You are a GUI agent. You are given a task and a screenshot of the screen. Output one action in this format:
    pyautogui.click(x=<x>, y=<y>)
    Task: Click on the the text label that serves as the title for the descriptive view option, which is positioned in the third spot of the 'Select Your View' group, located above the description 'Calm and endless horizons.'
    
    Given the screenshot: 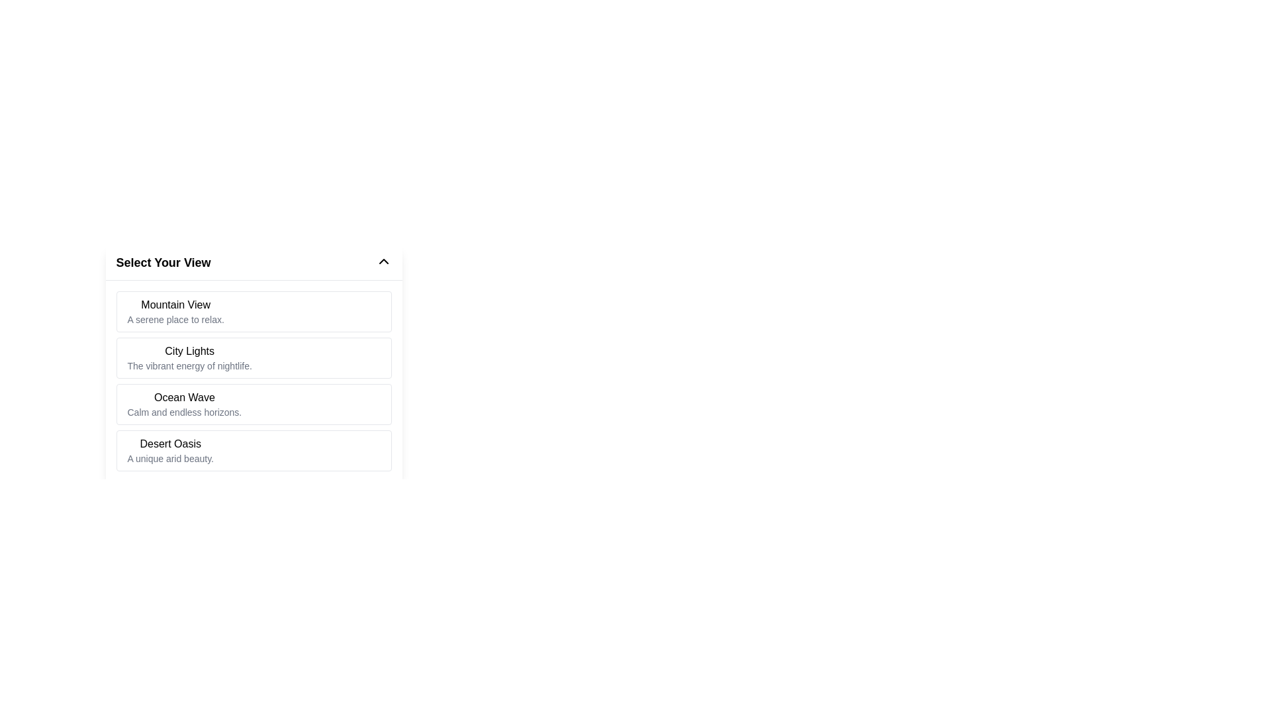 What is the action you would take?
    pyautogui.click(x=183, y=397)
    